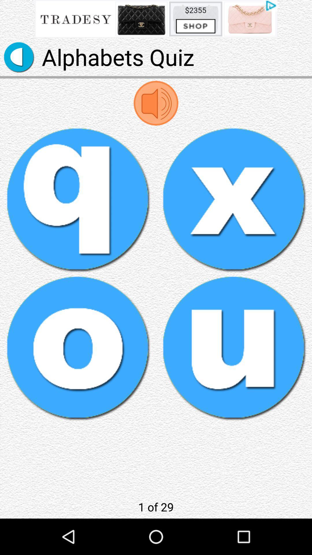 The height and width of the screenshot is (555, 312). I want to click on letter x, so click(234, 199).